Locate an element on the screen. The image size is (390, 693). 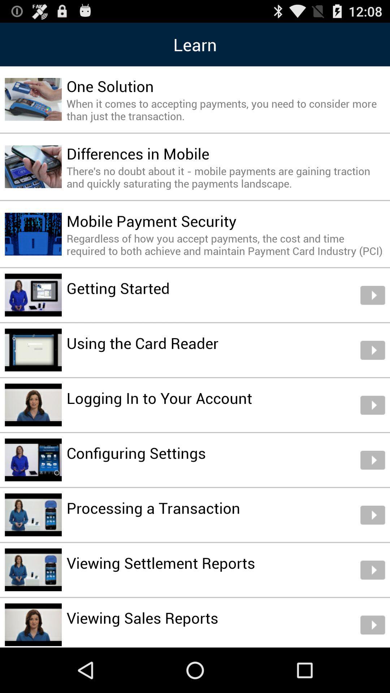
there s no item is located at coordinates (225, 177).